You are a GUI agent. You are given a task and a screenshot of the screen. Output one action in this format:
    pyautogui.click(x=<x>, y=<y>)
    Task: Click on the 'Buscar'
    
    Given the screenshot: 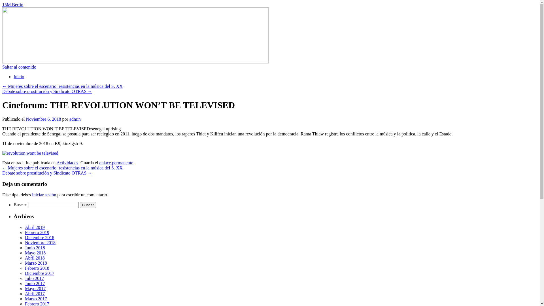 What is the action you would take?
    pyautogui.click(x=88, y=205)
    